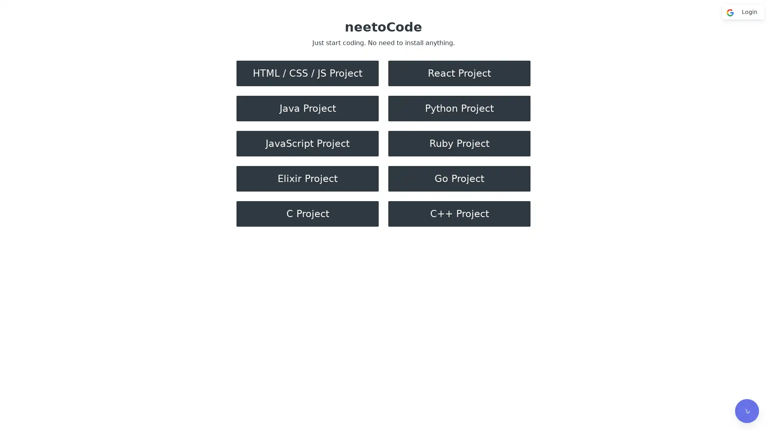  What do you see at coordinates (459, 143) in the screenshot?
I see `Ruby Project` at bounding box center [459, 143].